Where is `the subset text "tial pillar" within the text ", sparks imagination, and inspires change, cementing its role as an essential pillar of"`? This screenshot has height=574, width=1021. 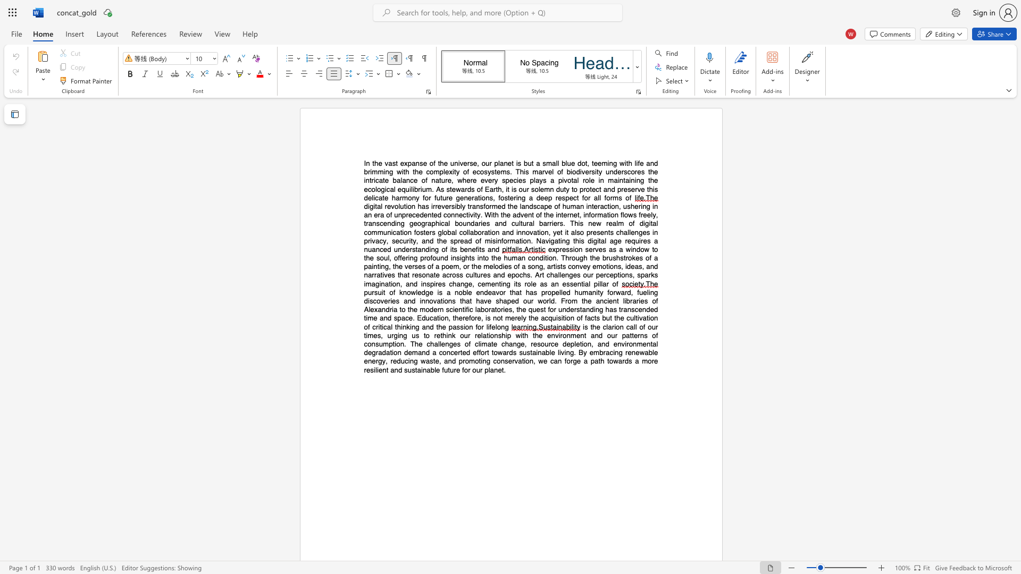
the subset text "tial pillar" within the text ", sparks imagination, and inspires change, cementing its role as an essential pillar of" is located at coordinates (581, 283).